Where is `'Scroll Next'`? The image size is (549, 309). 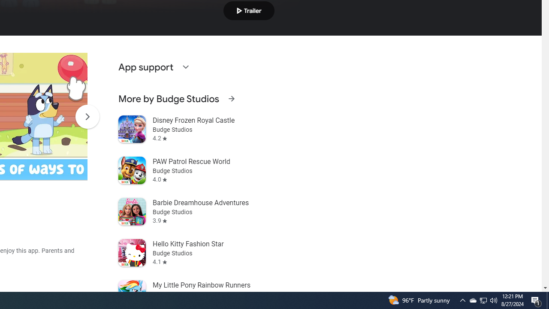 'Scroll Next' is located at coordinates (87, 117).